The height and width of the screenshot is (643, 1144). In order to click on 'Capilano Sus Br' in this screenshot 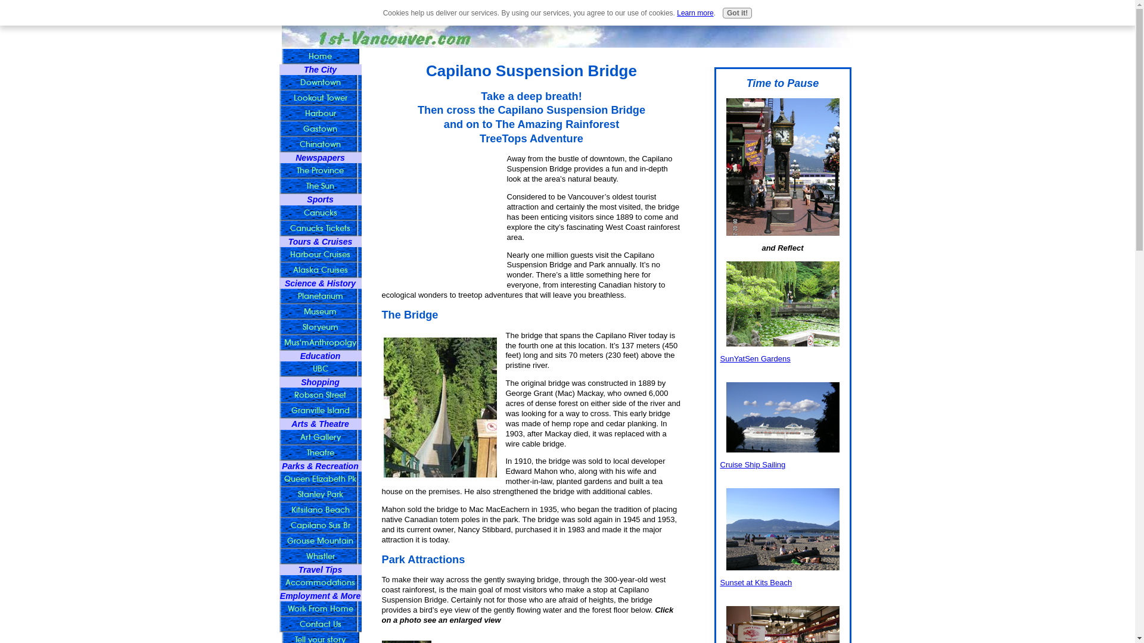, I will do `click(320, 525)`.